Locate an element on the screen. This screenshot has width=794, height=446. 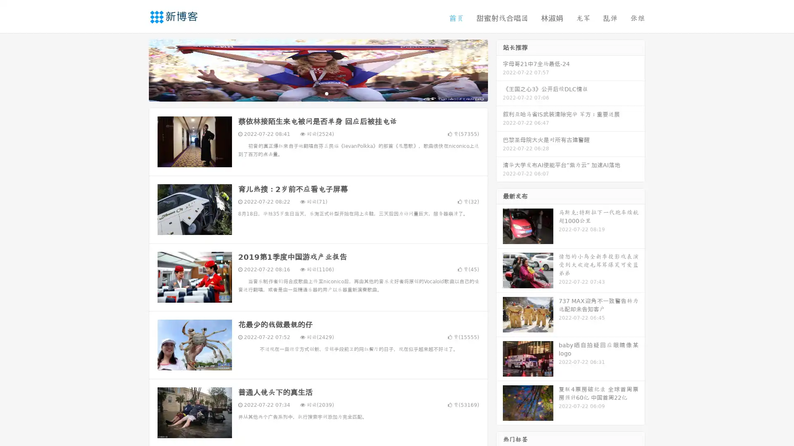
Previous slide is located at coordinates (136, 69).